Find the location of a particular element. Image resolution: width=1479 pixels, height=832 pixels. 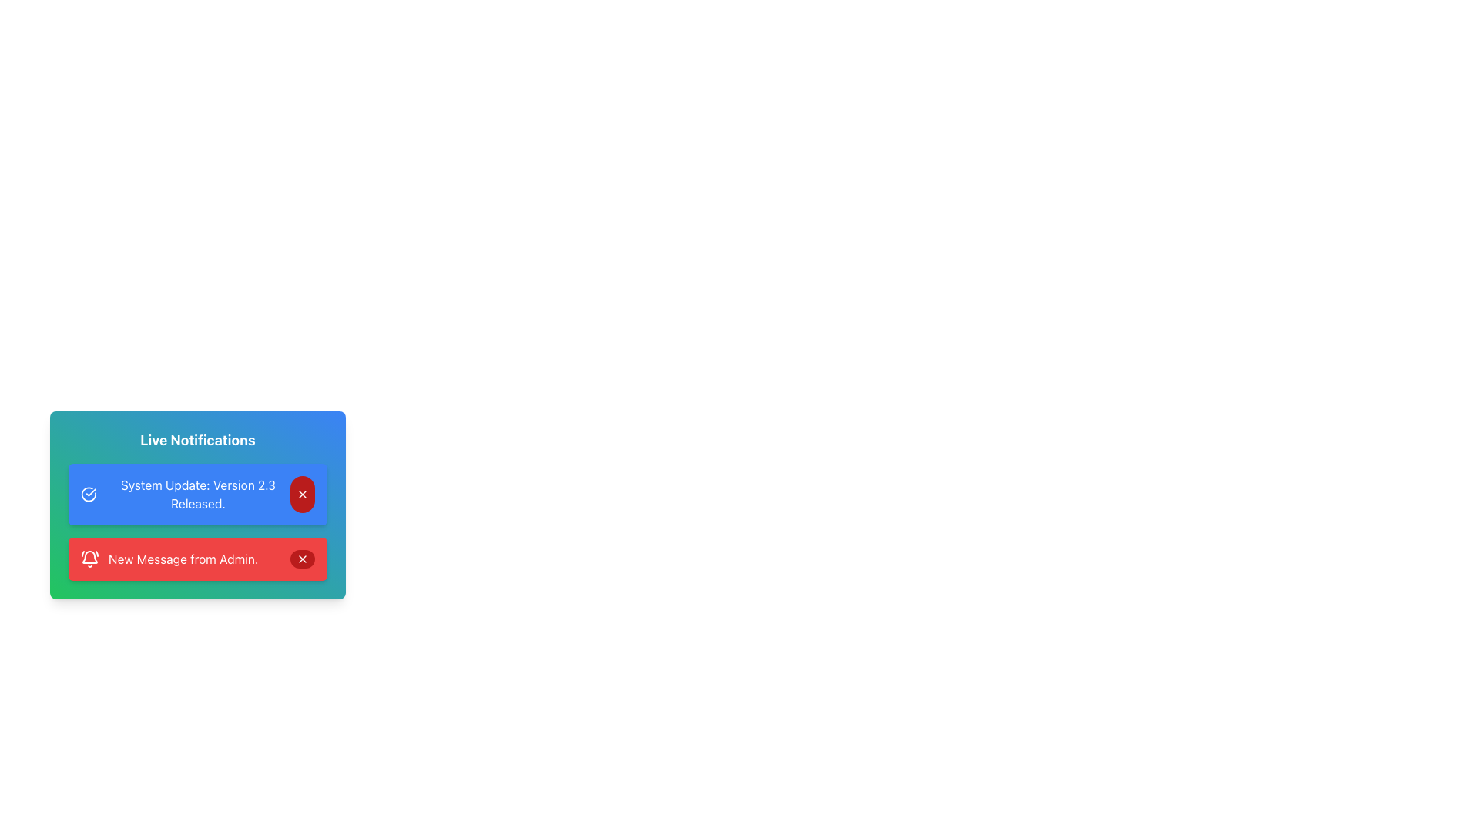

the small red circular button with an 'X' icon located at the top-right corner of the blue notification box titled 'System Update: Version 2.3 Released.' is located at coordinates (303, 494).